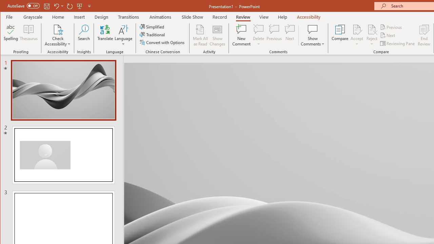  I want to click on 'Mark All as Read', so click(200, 35).